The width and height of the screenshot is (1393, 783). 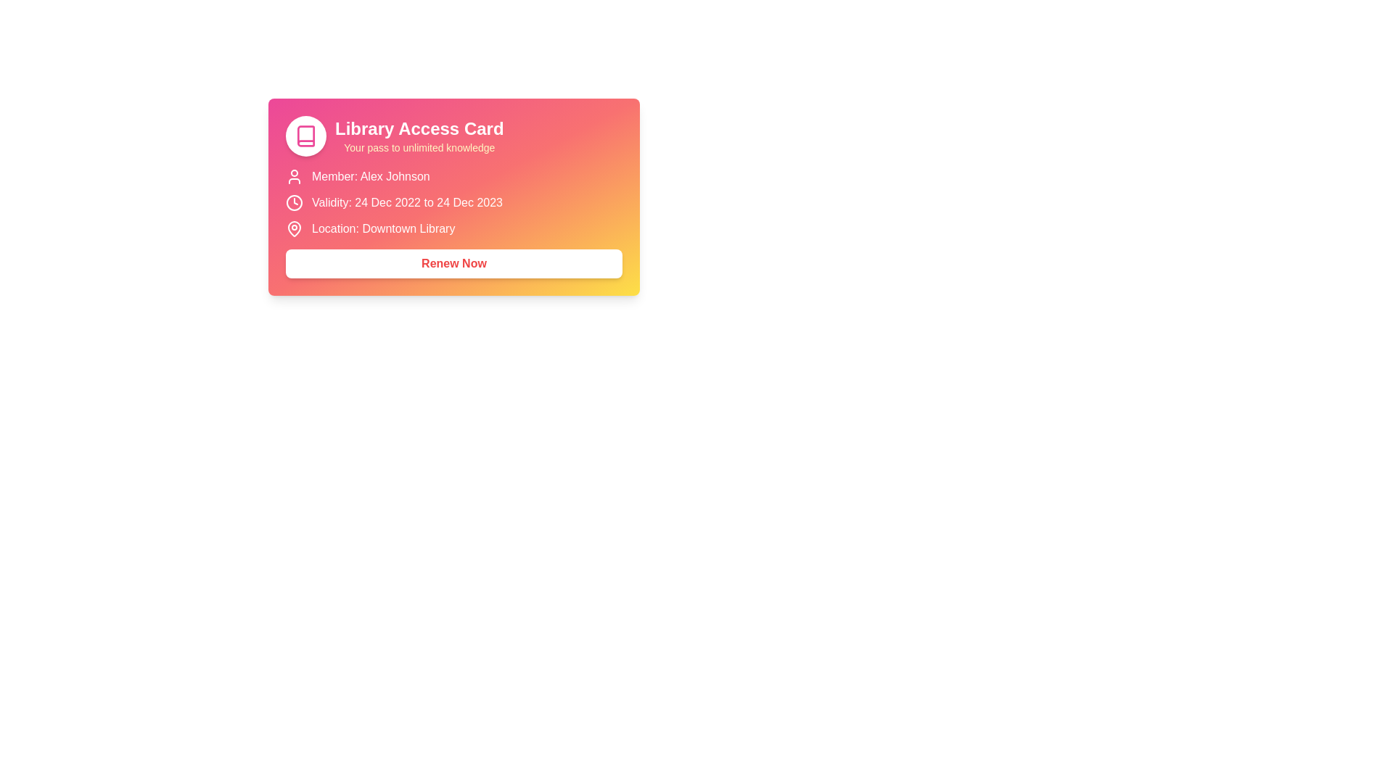 I want to click on the 'Renew Now' button, which is a rectangular button with rounded corners and bold red text, located at the bottom of the 'Library Access Card', so click(x=453, y=263).